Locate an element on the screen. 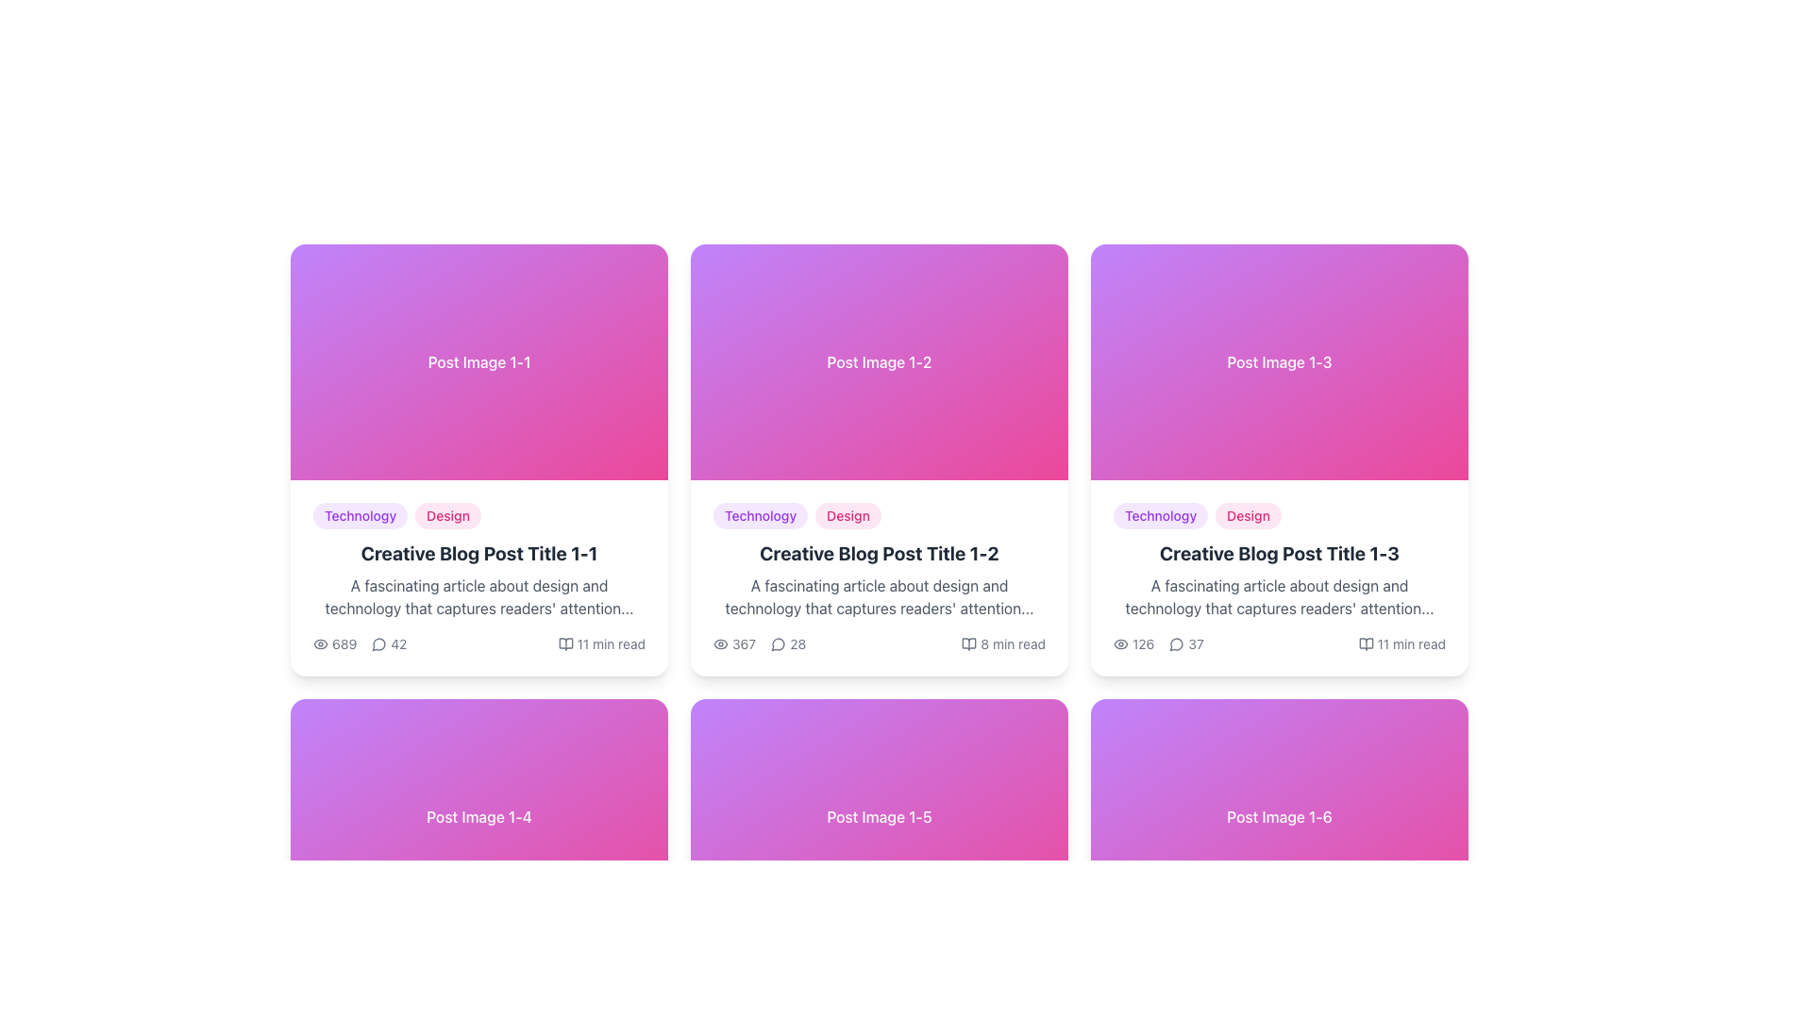 The image size is (1812, 1019). displayed view count from the label that combines an eye-shaped icon and the number '126', located within a blog post card layout is located at coordinates (1132, 643).